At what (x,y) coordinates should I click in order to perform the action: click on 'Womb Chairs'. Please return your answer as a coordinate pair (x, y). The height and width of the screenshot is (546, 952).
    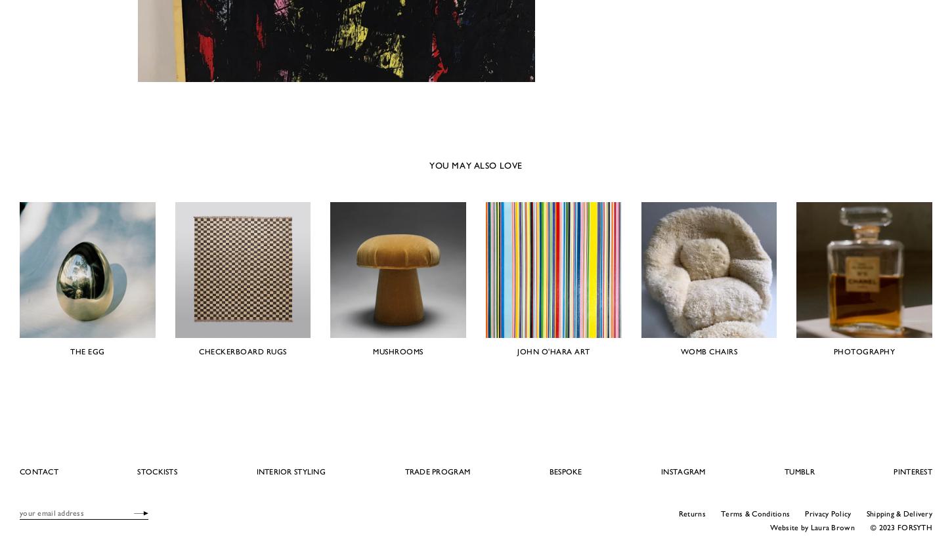
    Looking at the image, I should click on (708, 350).